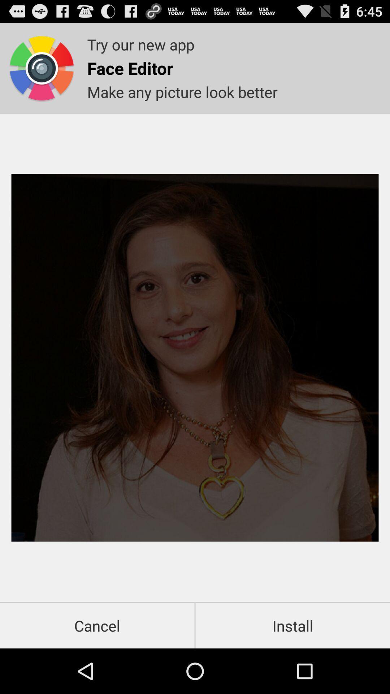  What do you see at coordinates (97, 625) in the screenshot?
I see `cancel item` at bounding box center [97, 625].